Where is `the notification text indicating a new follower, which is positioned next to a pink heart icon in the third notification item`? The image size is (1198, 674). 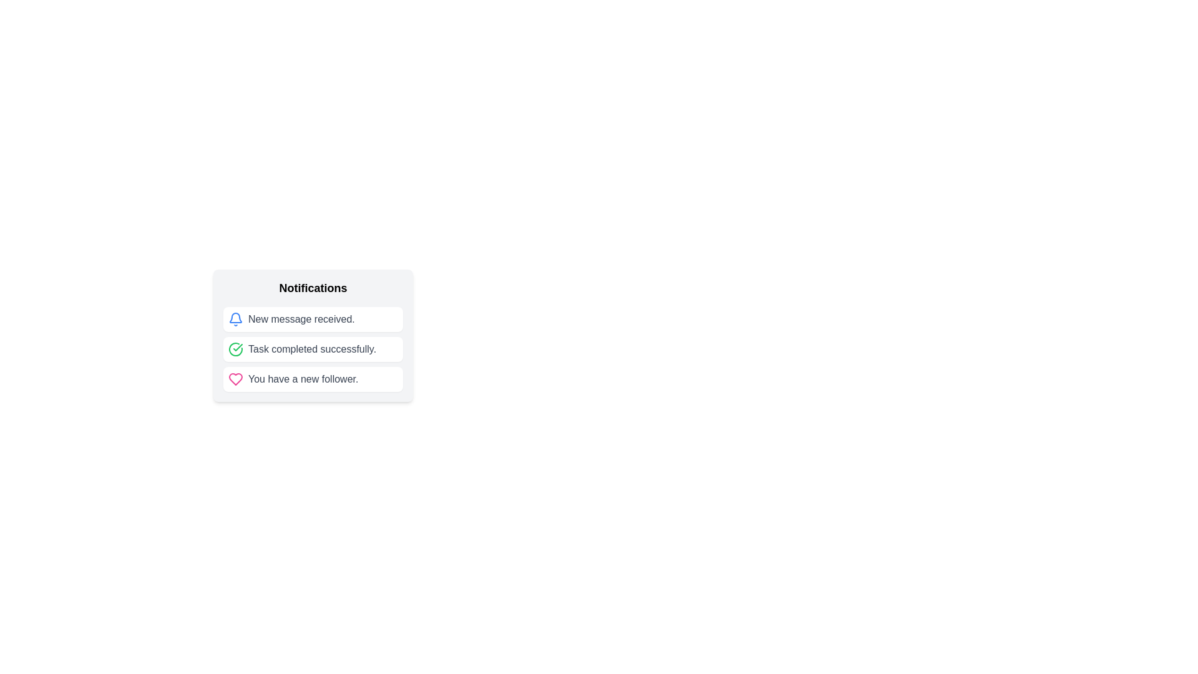
the notification text indicating a new follower, which is positioned next to a pink heart icon in the third notification item is located at coordinates (303, 379).